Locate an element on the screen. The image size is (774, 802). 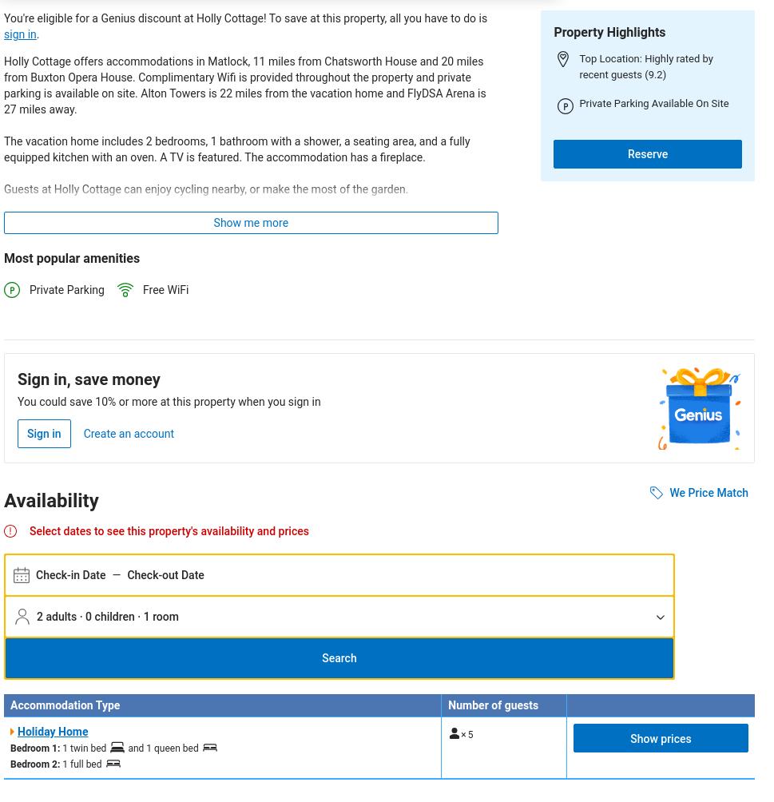
'We Price Match' is located at coordinates (709, 492).